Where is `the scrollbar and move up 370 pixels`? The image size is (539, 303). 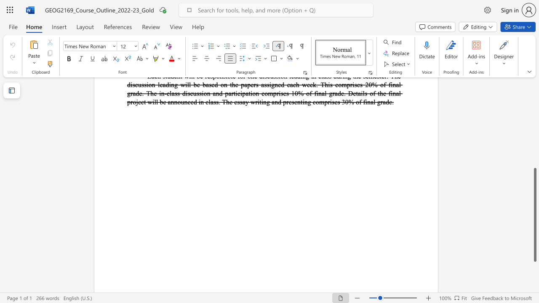
the scrollbar and move up 370 pixels is located at coordinates (534, 214).